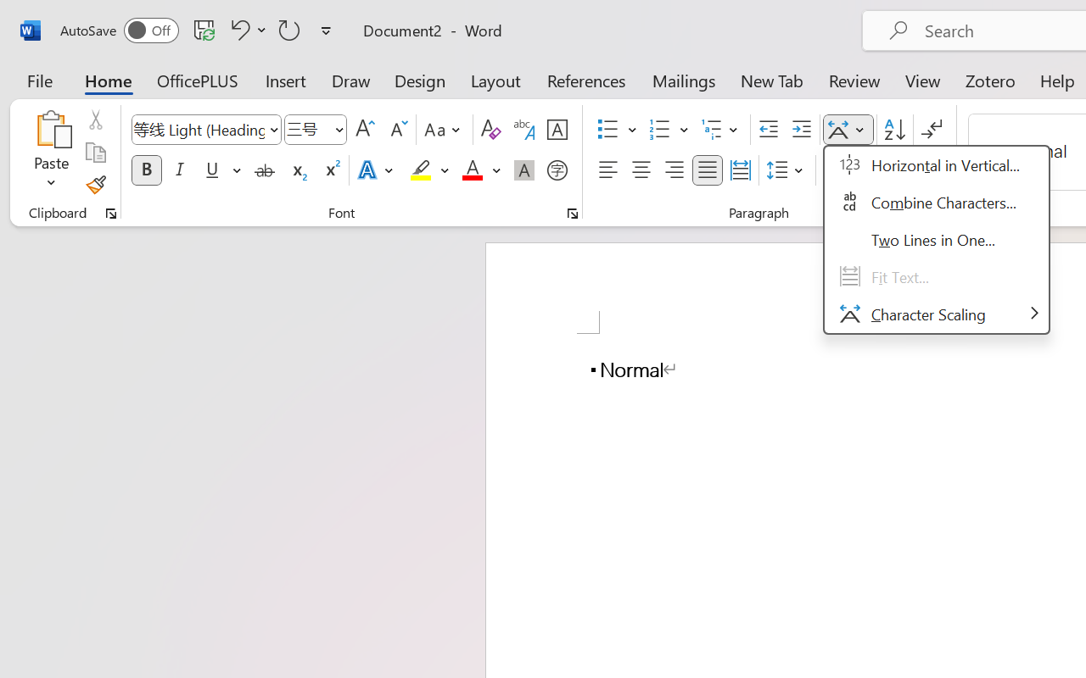 This screenshot has height=678, width=1086. I want to click on 'New Tab', so click(771, 80).